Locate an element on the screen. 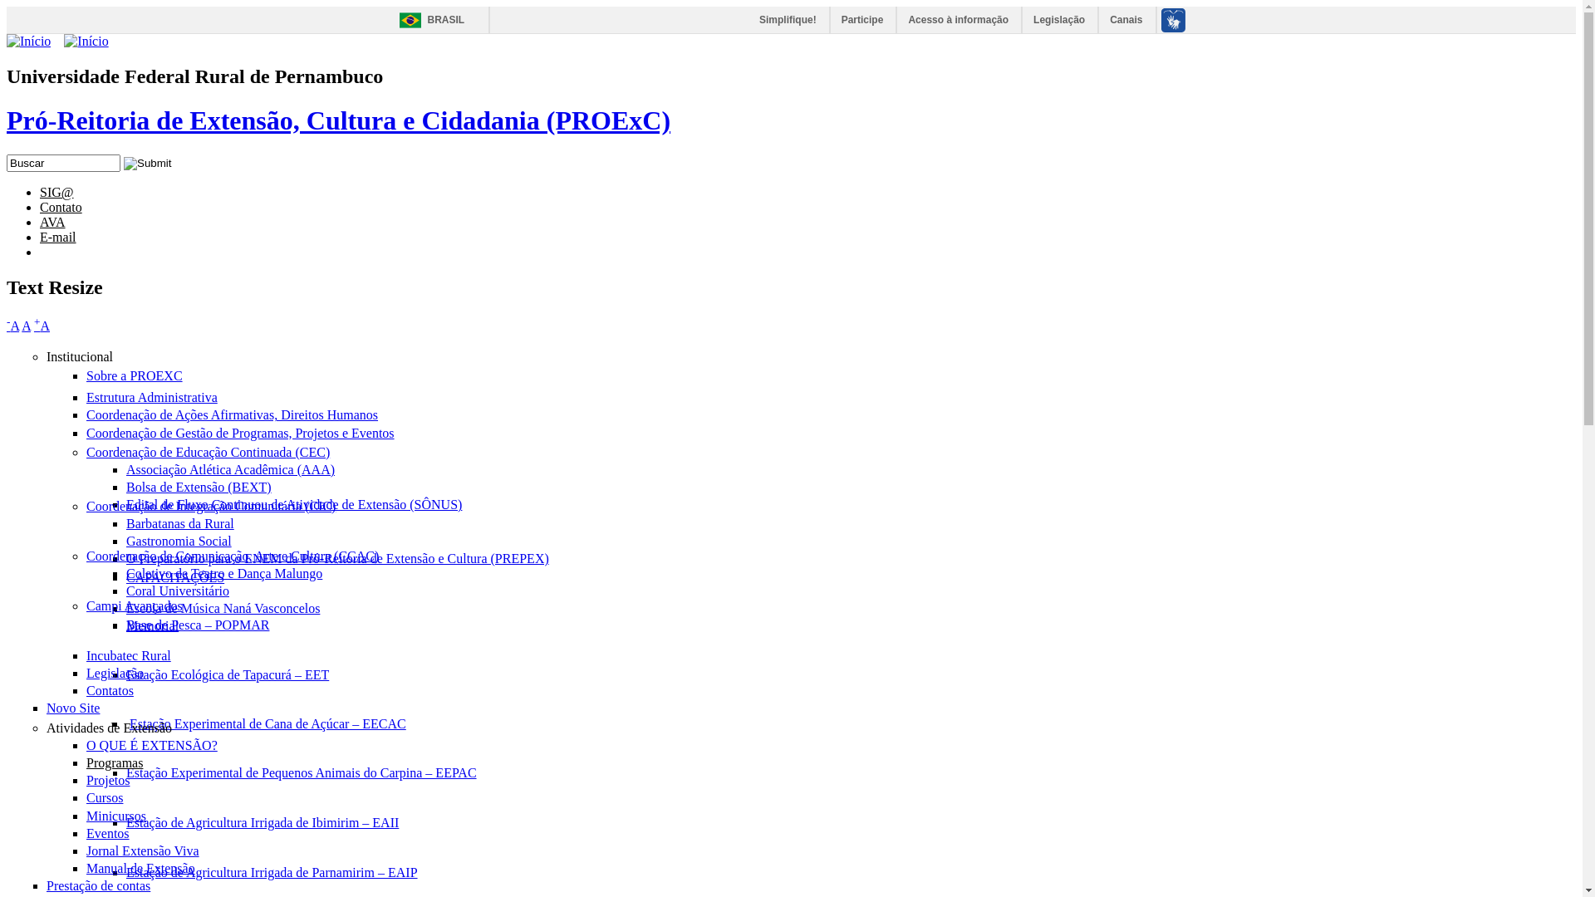 This screenshot has width=1595, height=897. 'SIG@' is located at coordinates (40, 191).